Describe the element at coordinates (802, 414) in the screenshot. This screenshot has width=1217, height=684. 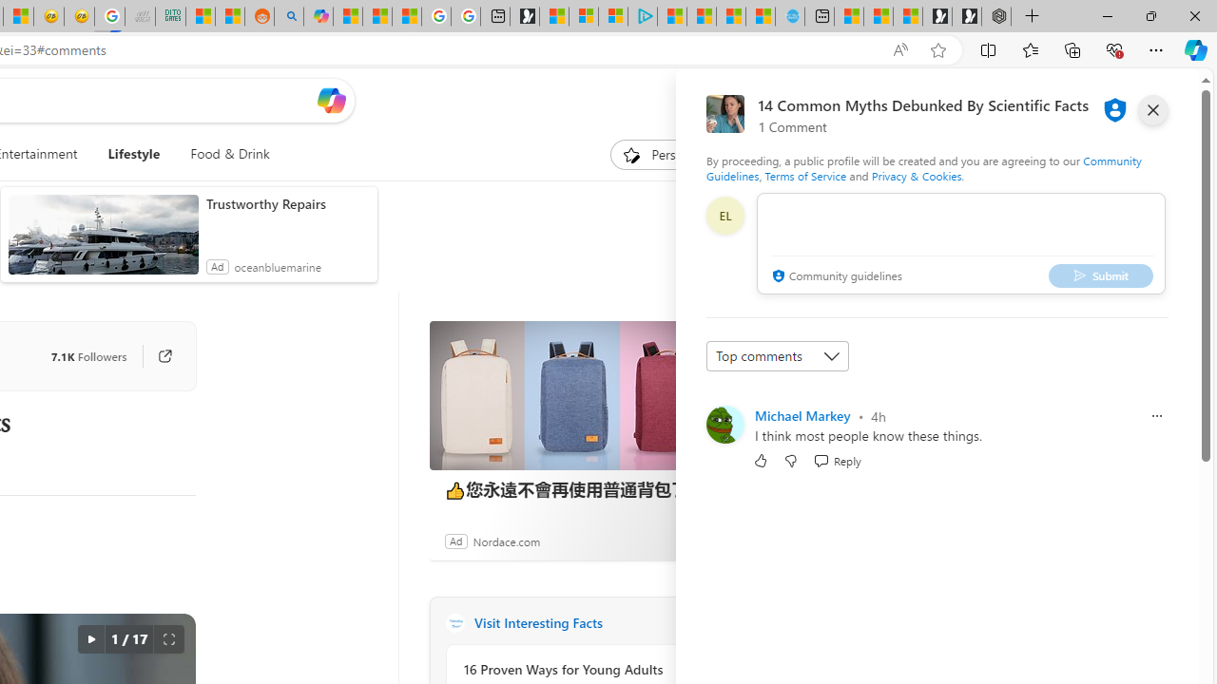
I see `'Michael Markey'` at that location.